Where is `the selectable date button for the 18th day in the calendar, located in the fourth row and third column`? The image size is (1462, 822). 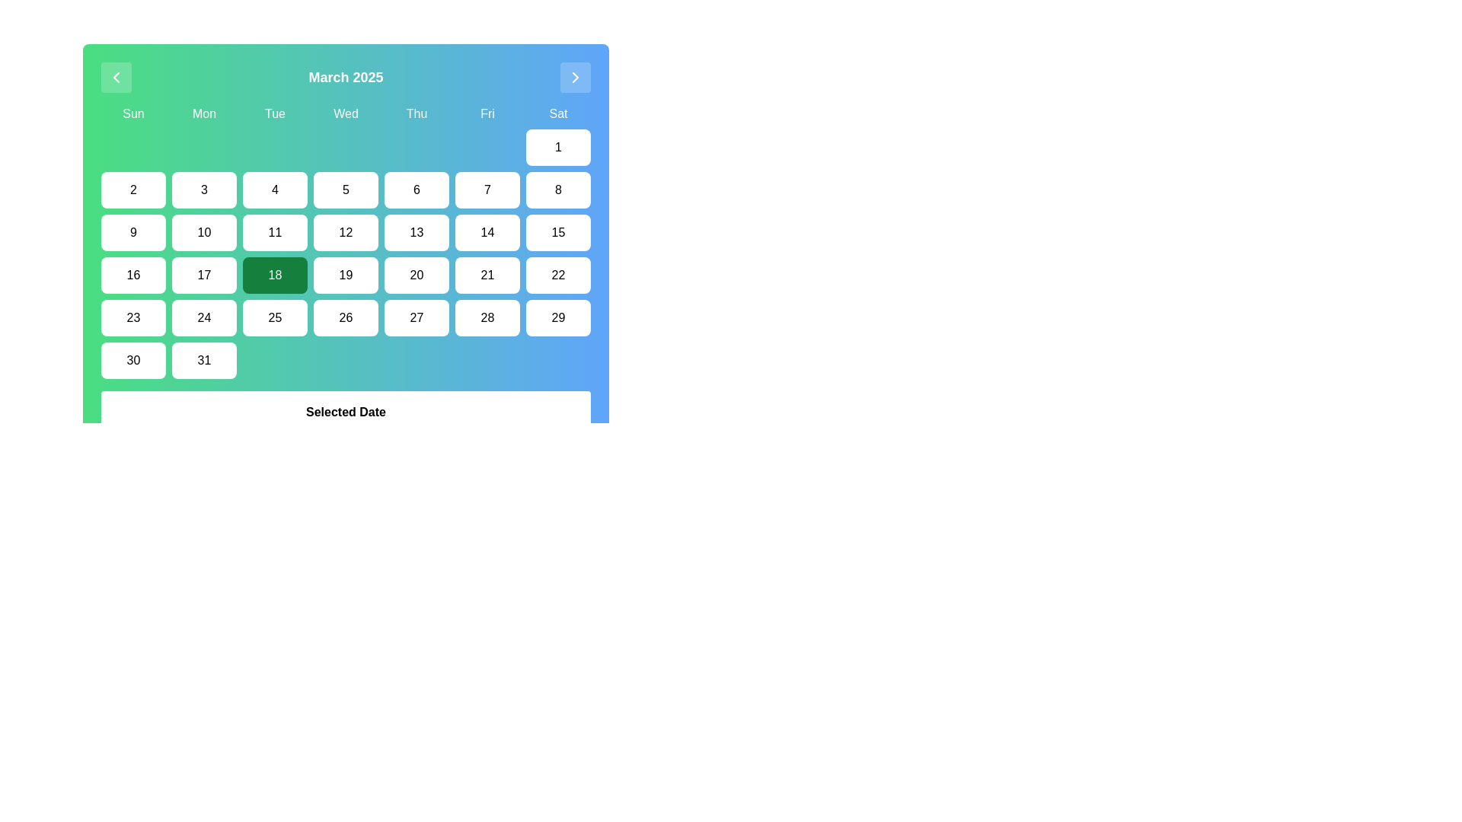 the selectable date button for the 18th day in the calendar, located in the fourth row and third column is located at coordinates (275, 276).